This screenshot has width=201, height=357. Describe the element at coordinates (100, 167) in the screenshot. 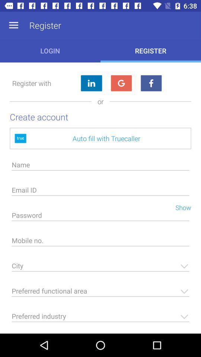

I see `icon below the auto fill with item` at that location.